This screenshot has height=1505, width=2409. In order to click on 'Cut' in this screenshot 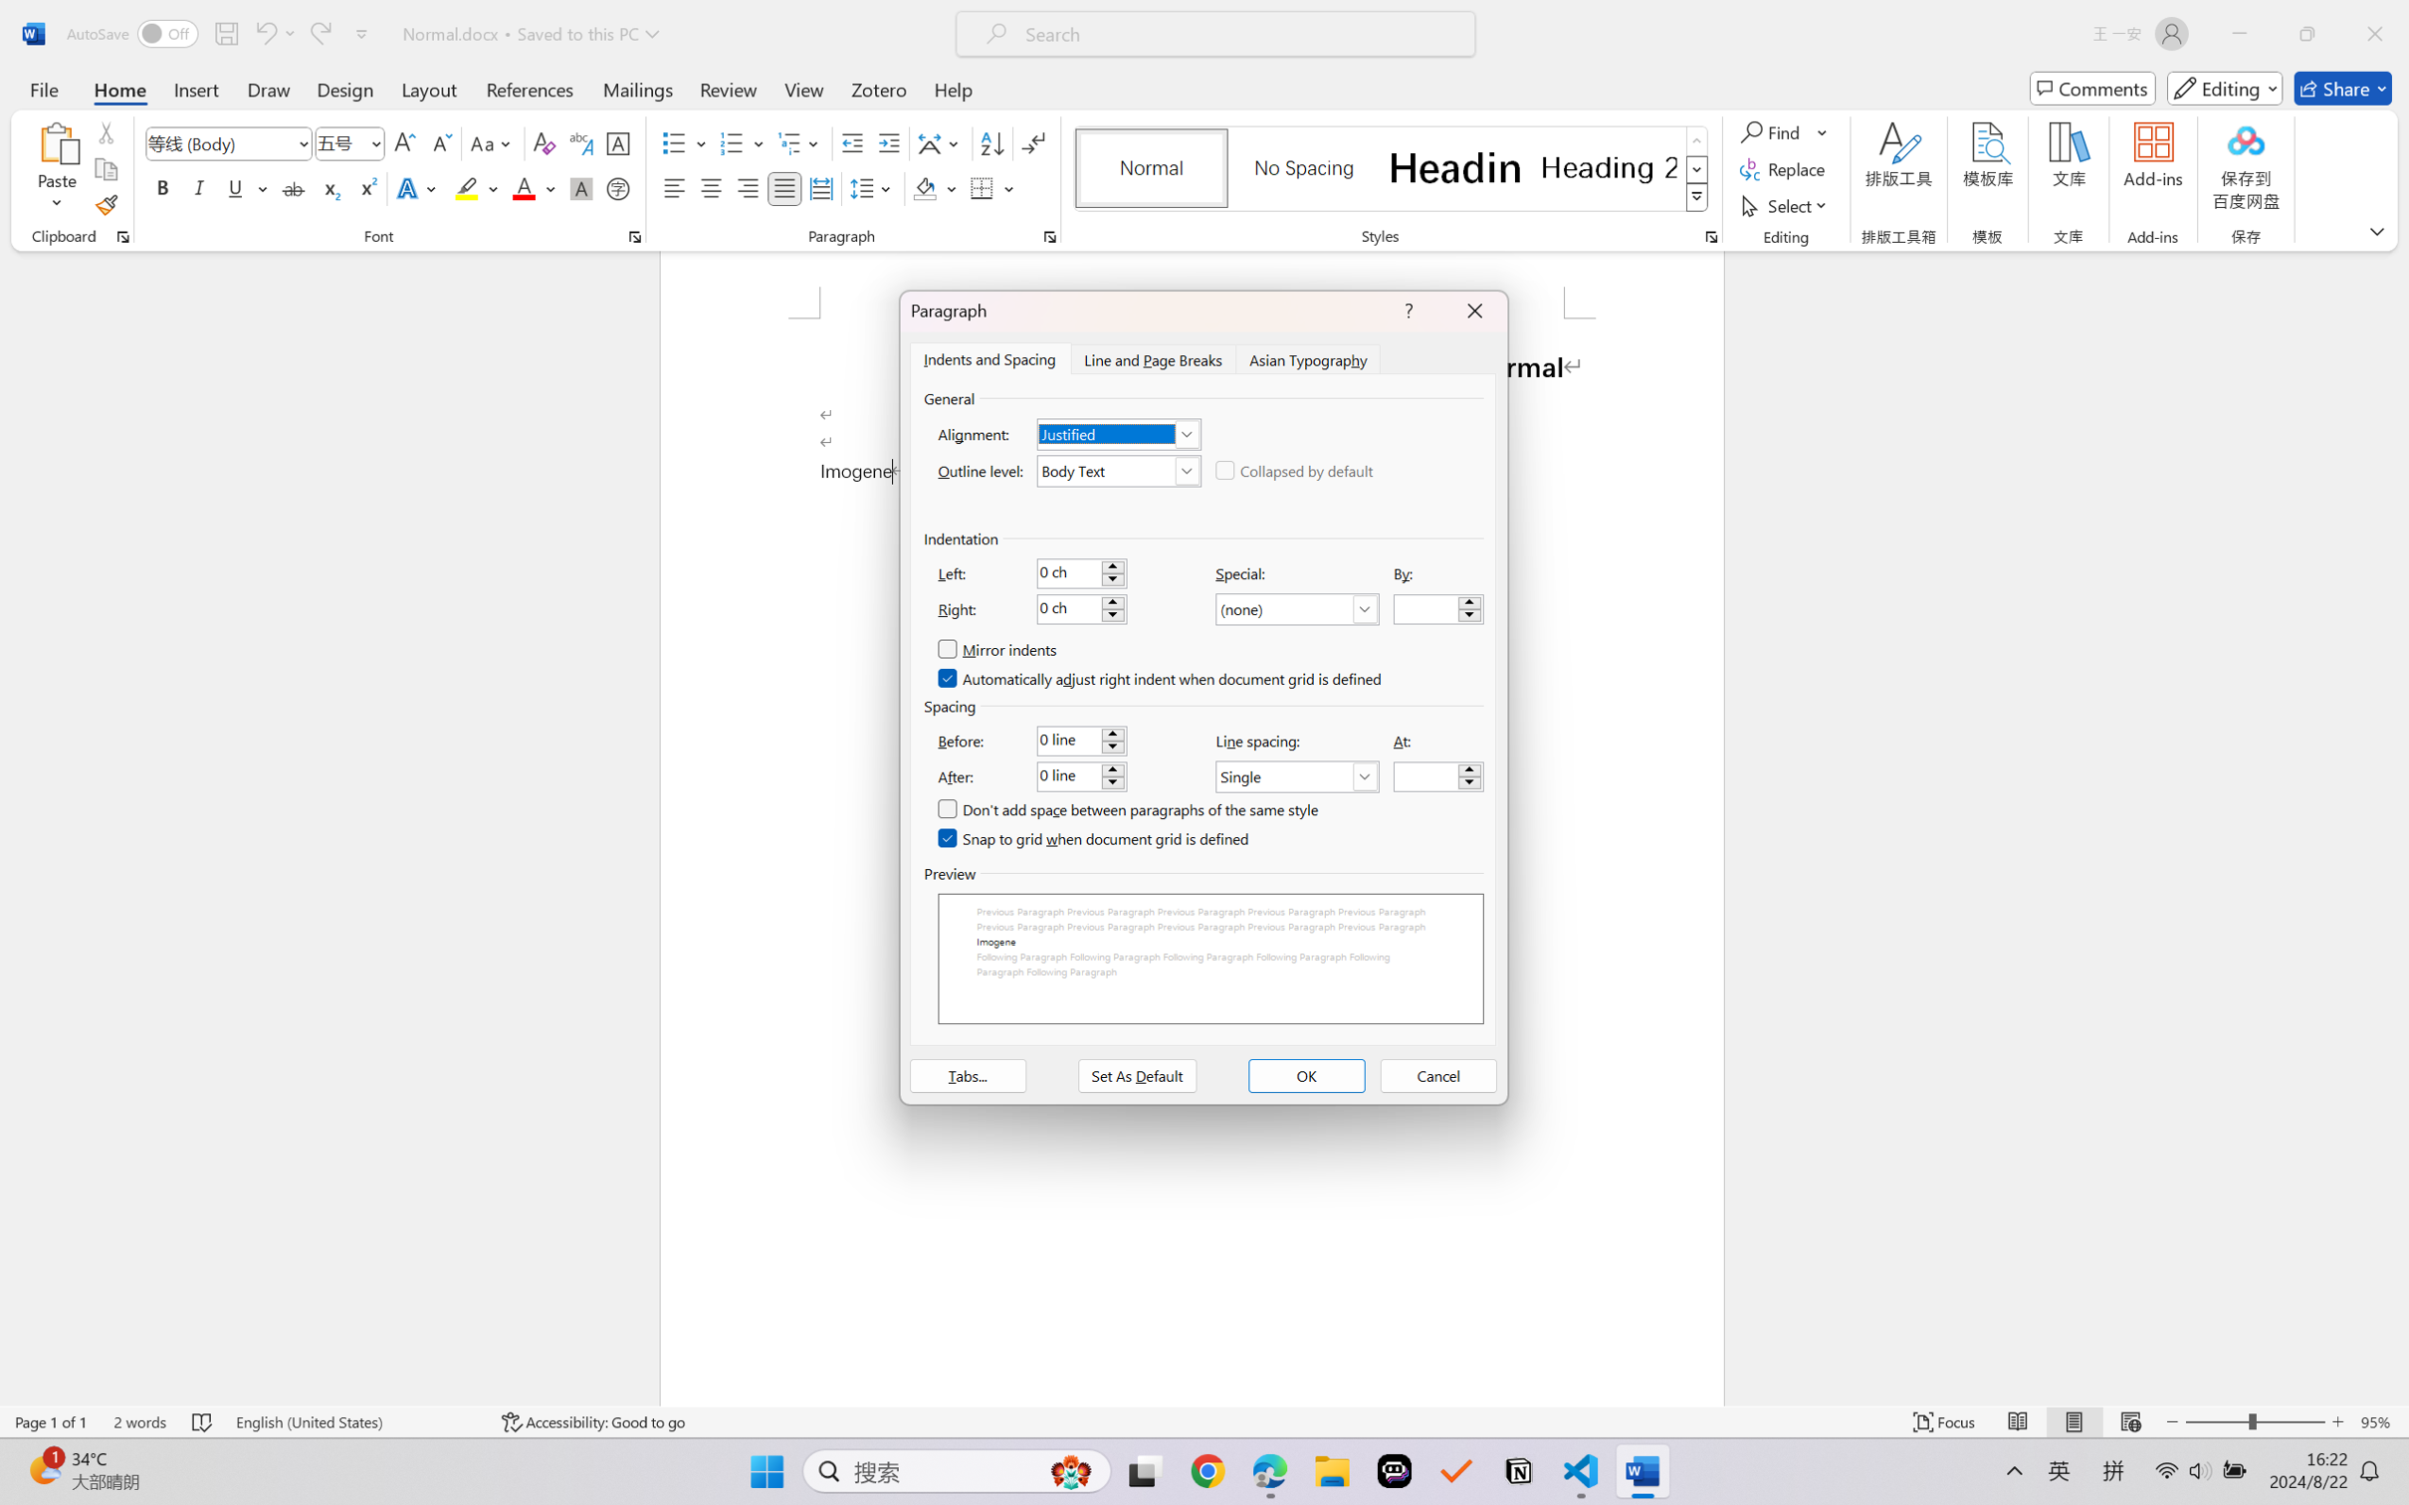, I will do `click(105, 130)`.